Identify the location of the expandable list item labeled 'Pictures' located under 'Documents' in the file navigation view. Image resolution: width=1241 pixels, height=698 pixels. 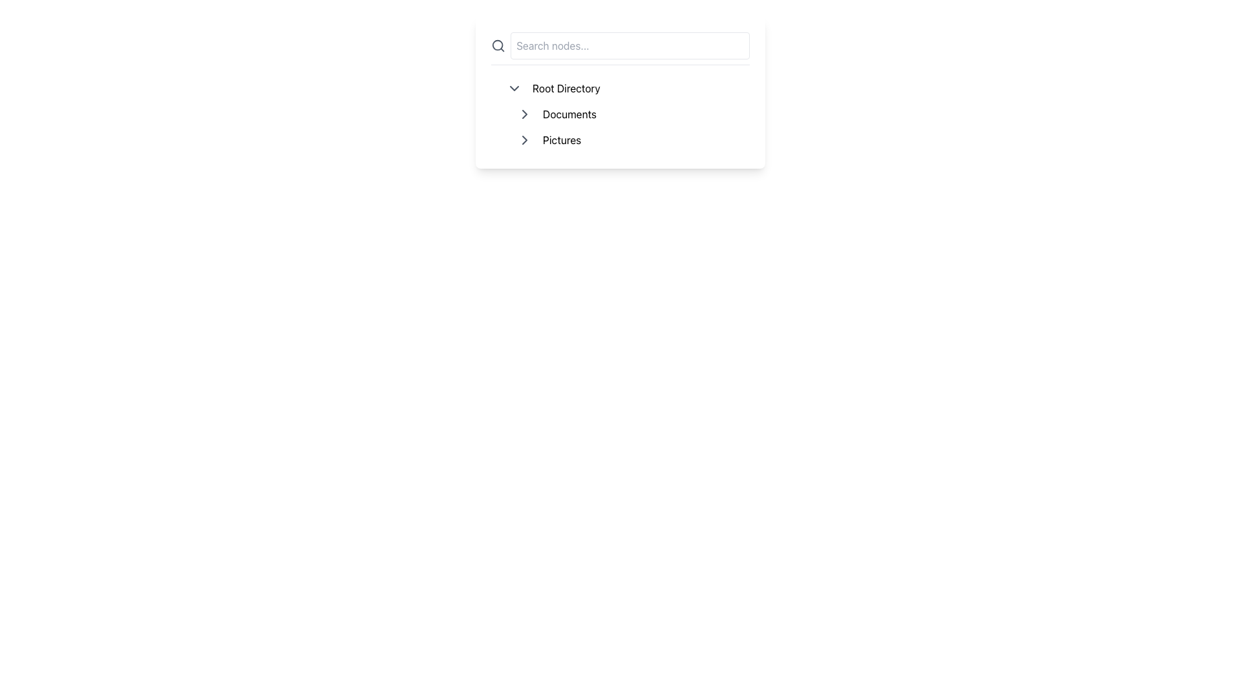
(630, 140).